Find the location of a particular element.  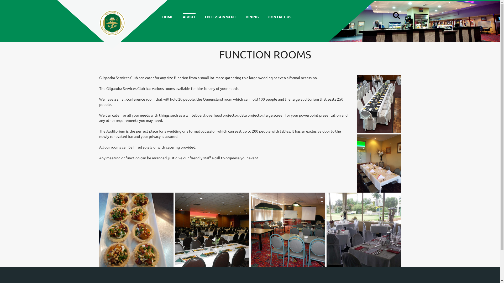

'Valentines-day-2' is located at coordinates (364, 229).